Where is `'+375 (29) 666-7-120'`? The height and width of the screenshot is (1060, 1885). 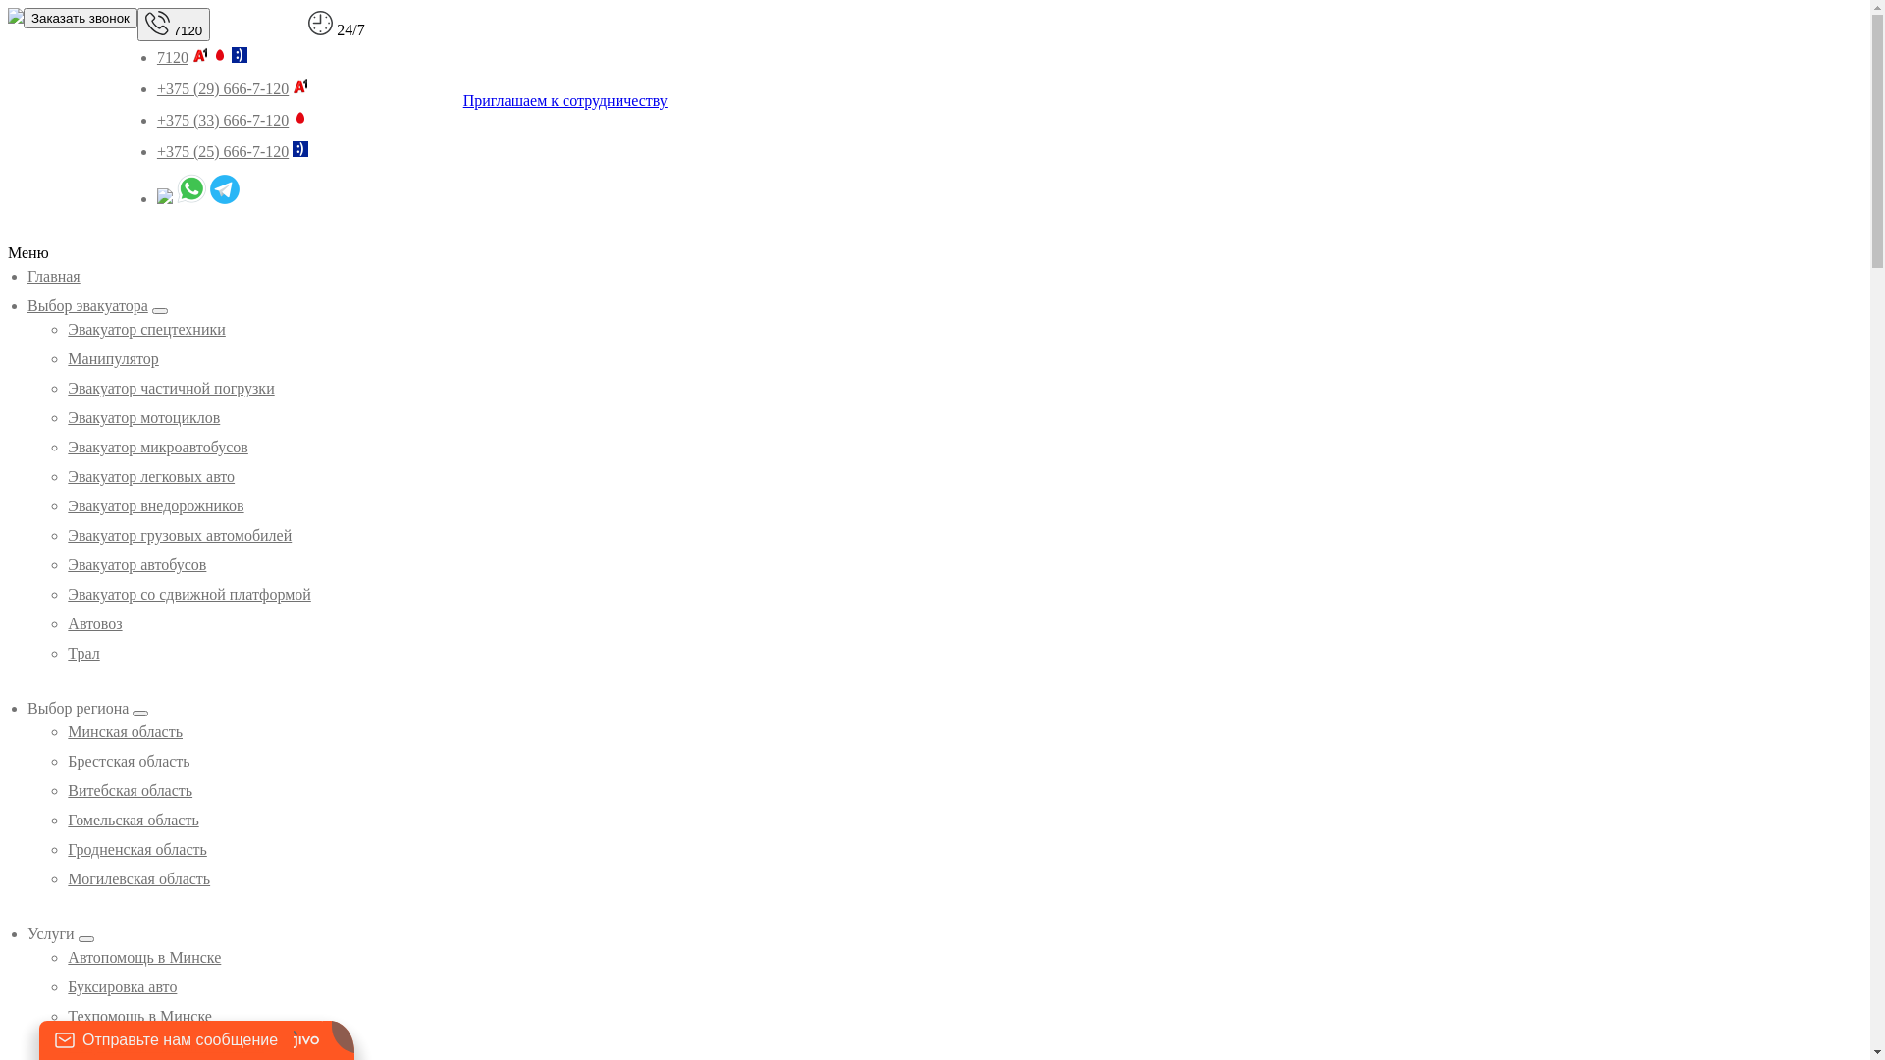
'+375 (29) 666-7-120' is located at coordinates (155, 88).